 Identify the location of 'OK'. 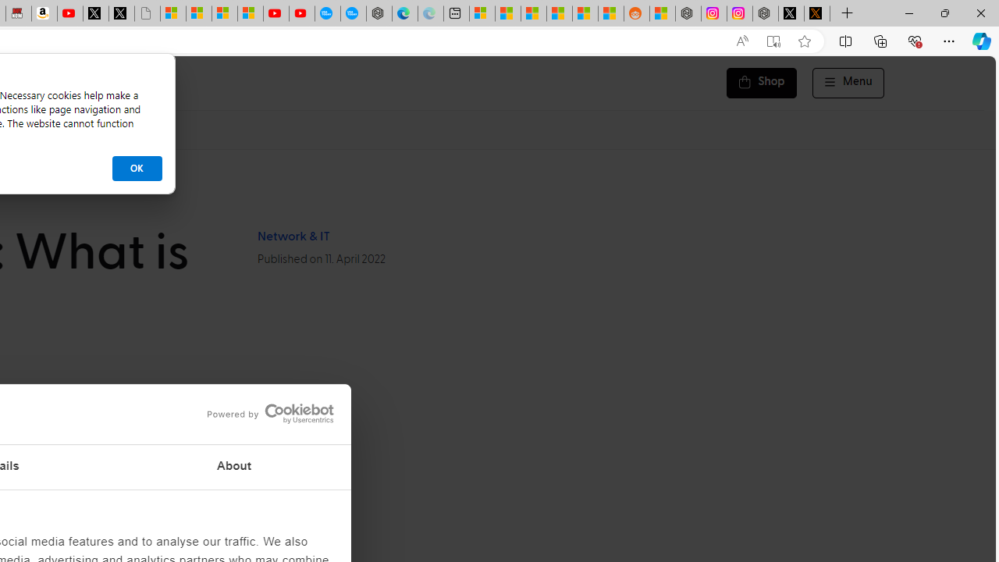
(137, 169).